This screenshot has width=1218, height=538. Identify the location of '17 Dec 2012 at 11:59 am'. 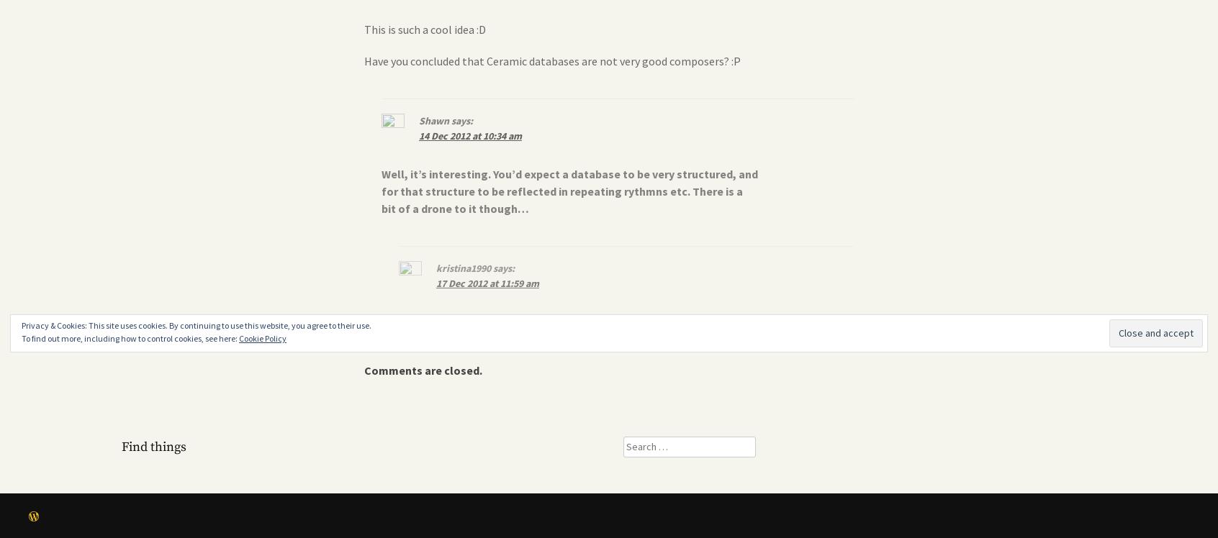
(487, 283).